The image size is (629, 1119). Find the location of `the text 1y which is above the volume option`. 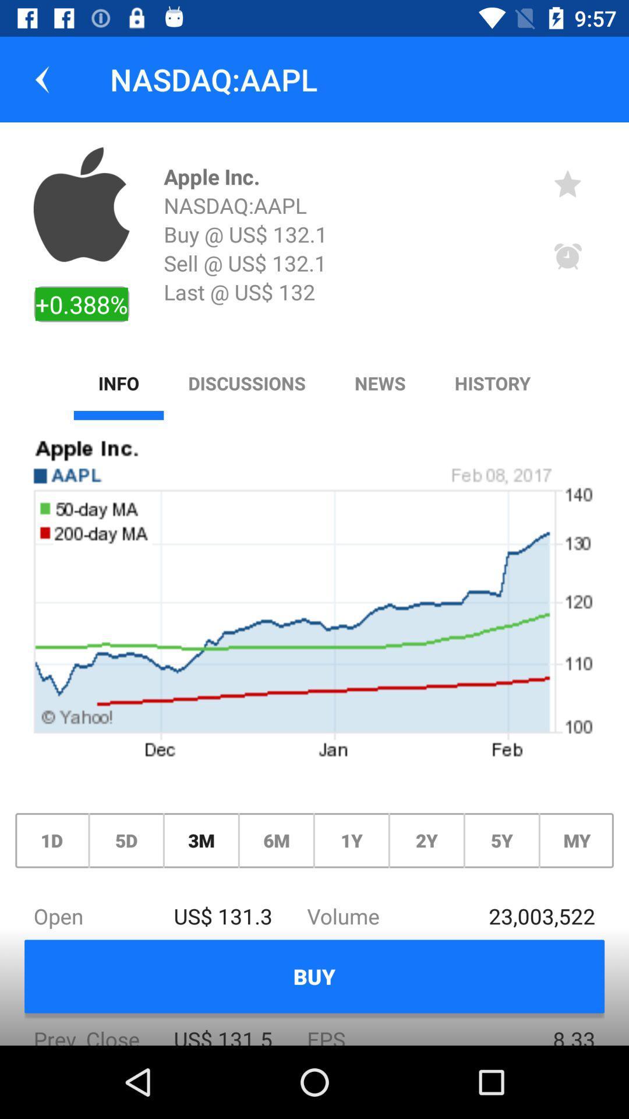

the text 1y which is above the volume option is located at coordinates (351, 840).